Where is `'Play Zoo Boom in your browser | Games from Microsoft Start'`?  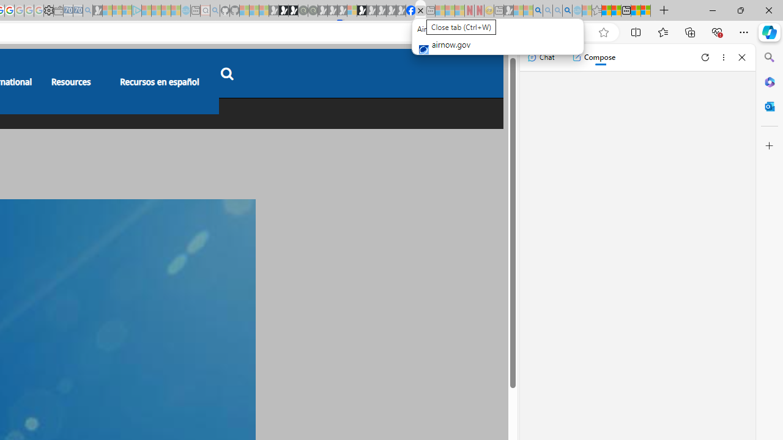 'Play Zoo Boom in your browser | Games from Microsoft Start' is located at coordinates (283, 10).